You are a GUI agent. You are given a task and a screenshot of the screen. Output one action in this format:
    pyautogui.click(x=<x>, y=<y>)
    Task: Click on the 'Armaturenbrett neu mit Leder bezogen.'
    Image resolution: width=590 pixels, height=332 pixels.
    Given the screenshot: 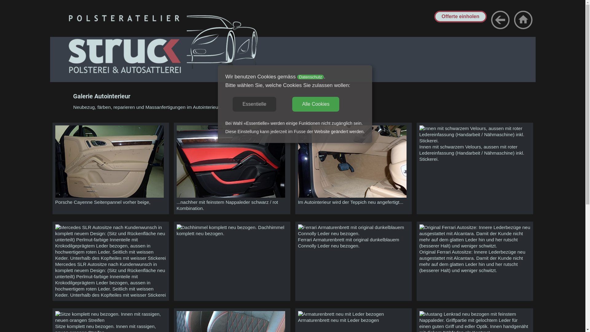 What is the action you would take?
    pyautogui.click(x=340, y=314)
    